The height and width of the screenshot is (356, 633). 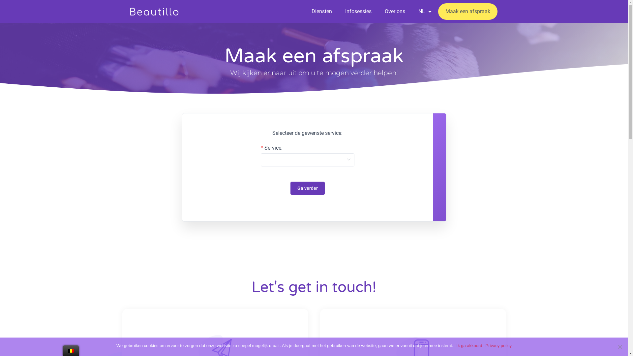 I want to click on 'Infosessies', so click(x=358, y=11).